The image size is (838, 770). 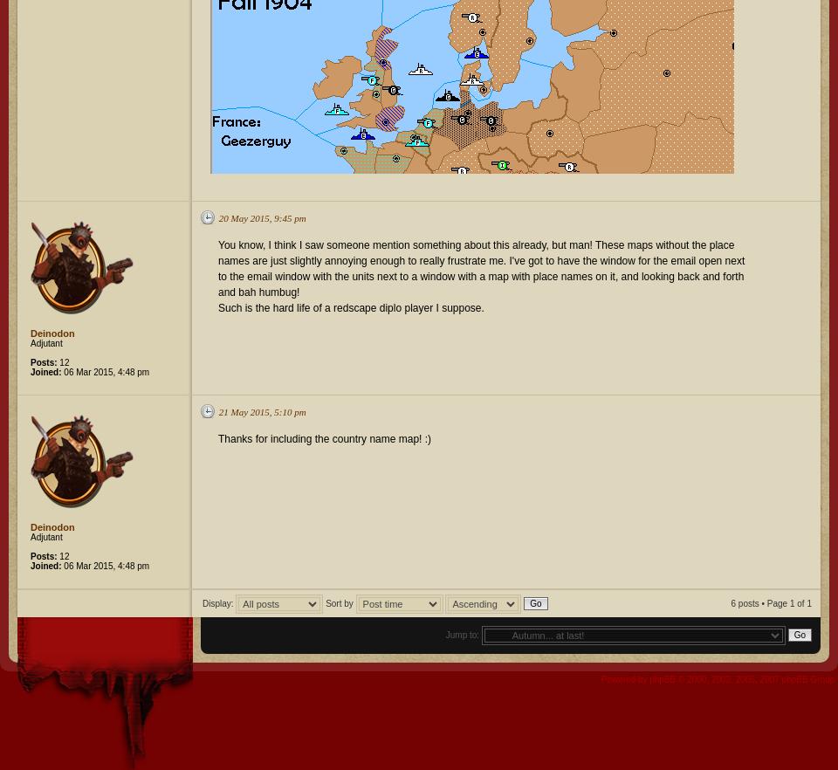 I want to click on '© 2000, 2002, 2005, 2007 phpBB Group', so click(x=755, y=678).